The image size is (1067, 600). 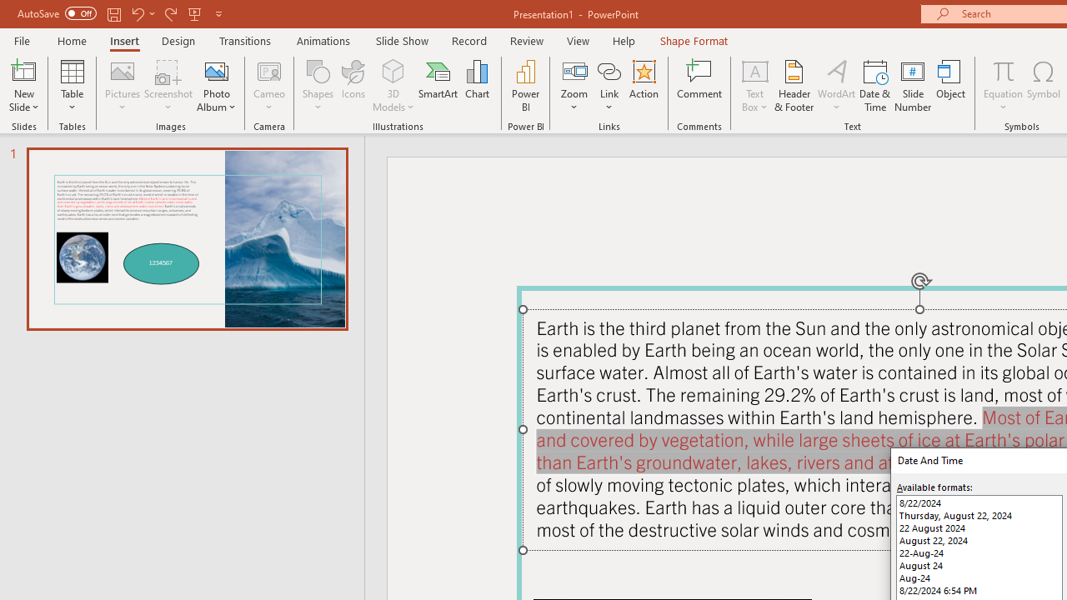 I want to click on 'Review', so click(x=525, y=40).